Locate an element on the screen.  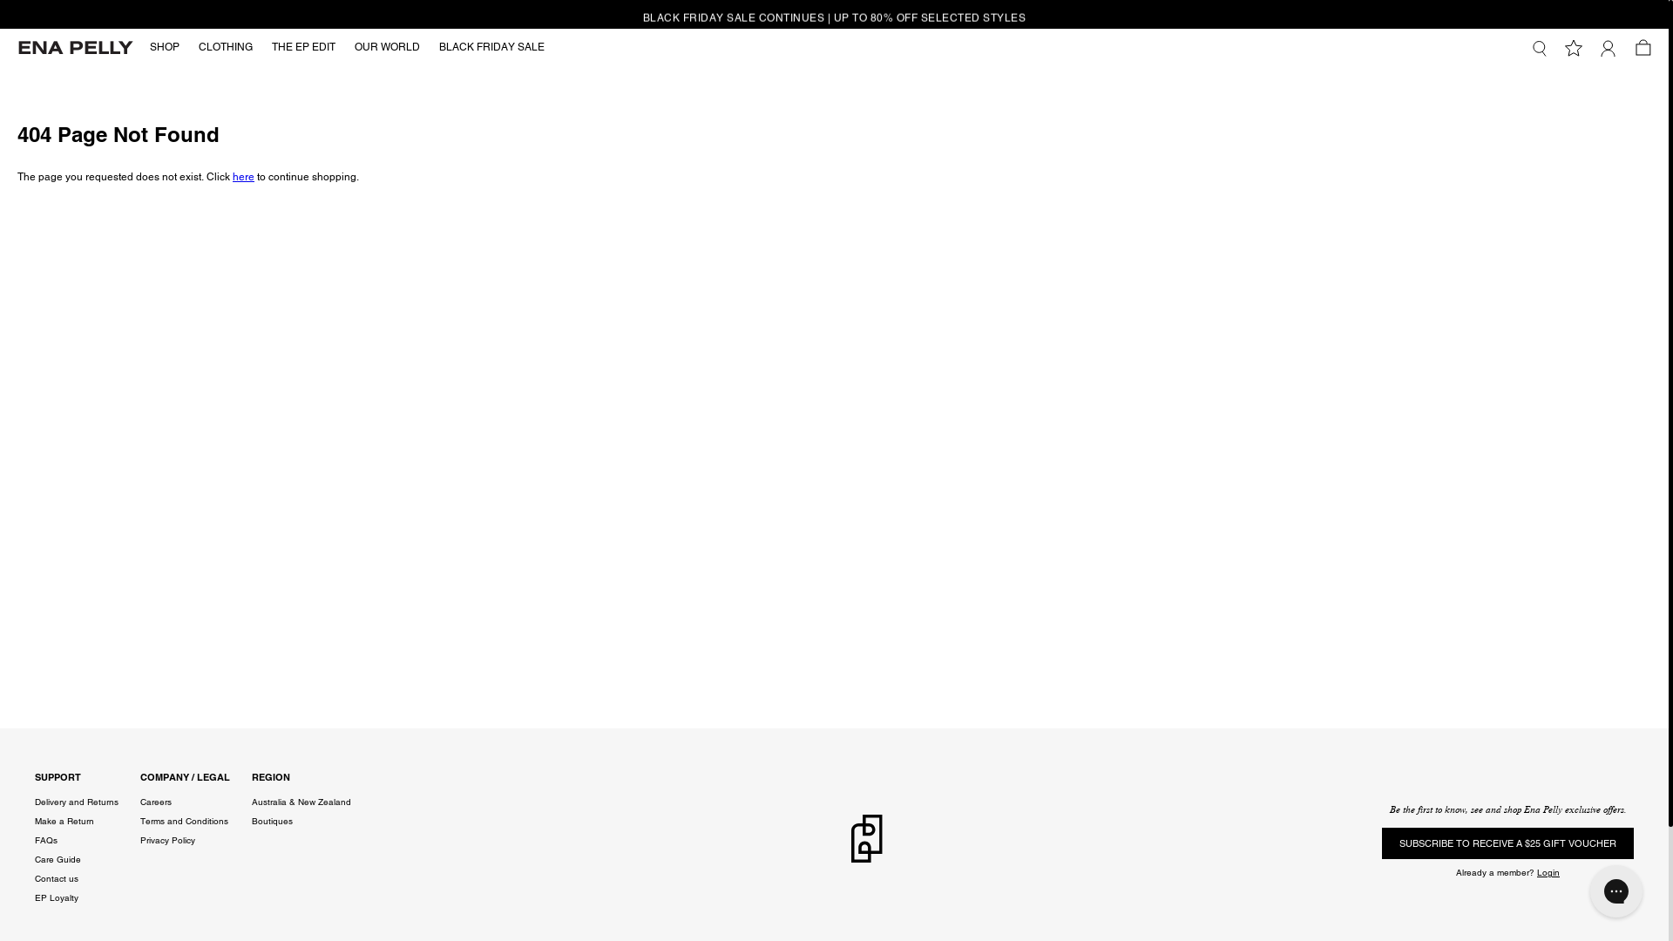
'here' is located at coordinates (232, 177).